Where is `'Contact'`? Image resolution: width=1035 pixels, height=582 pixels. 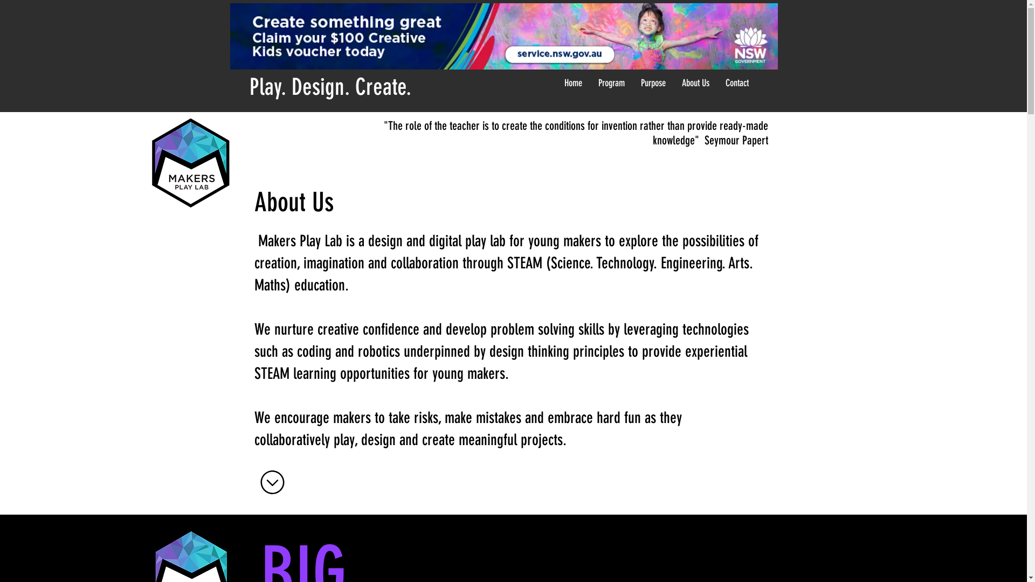 'Contact' is located at coordinates (736, 82).